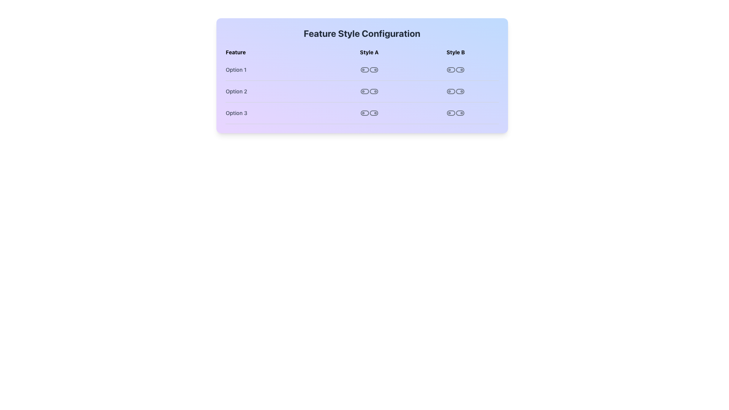  I want to click on the toggle switch button with a circular knob on the left in the 'Style A' column of the 'Option 3' row within the 'Feature Style Configuration' table, so click(364, 113).